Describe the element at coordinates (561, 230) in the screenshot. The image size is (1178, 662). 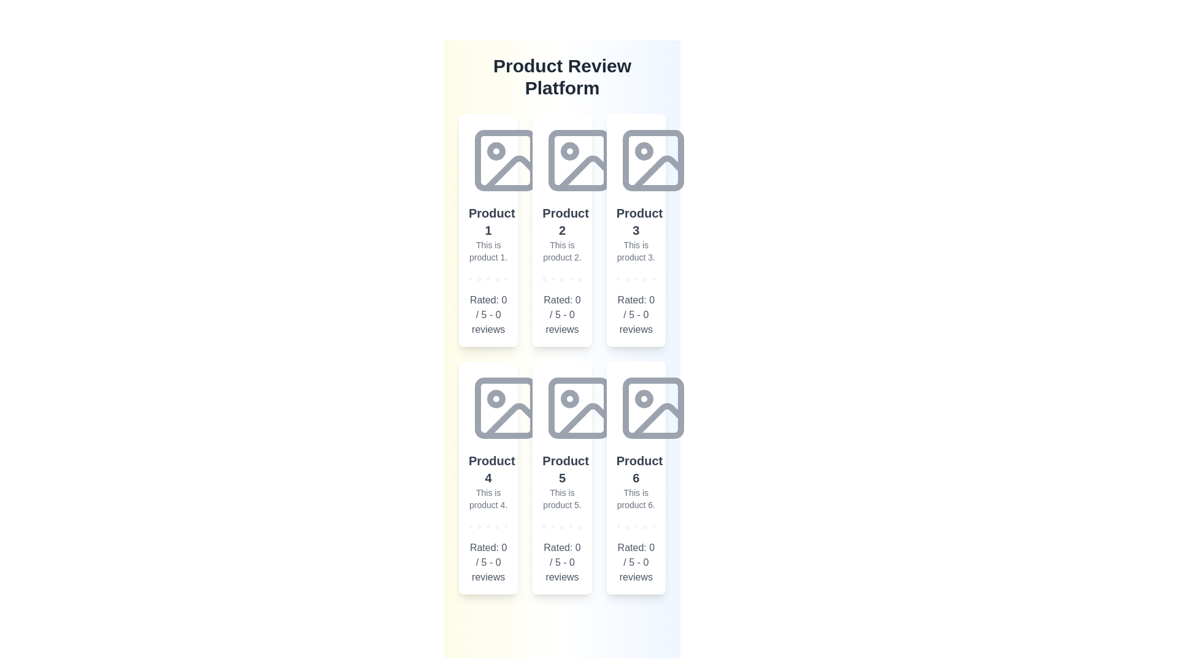
I see `the details of the product card Product 2` at that location.